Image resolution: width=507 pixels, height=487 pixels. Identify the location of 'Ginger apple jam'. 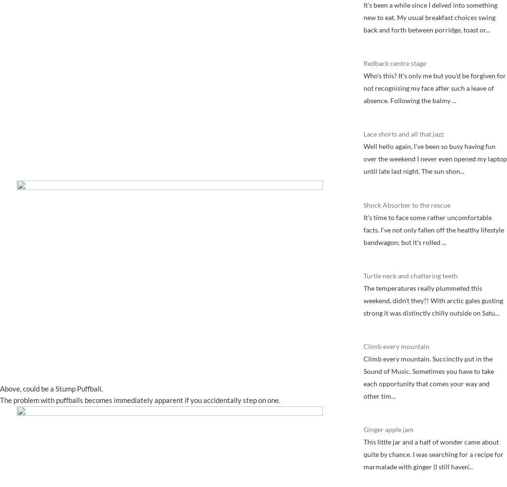
(388, 429).